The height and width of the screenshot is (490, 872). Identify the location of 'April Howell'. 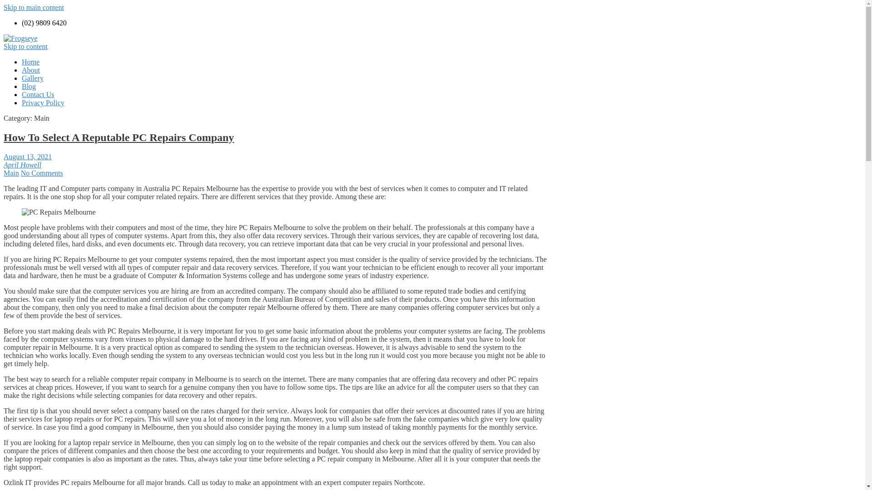
(22, 165).